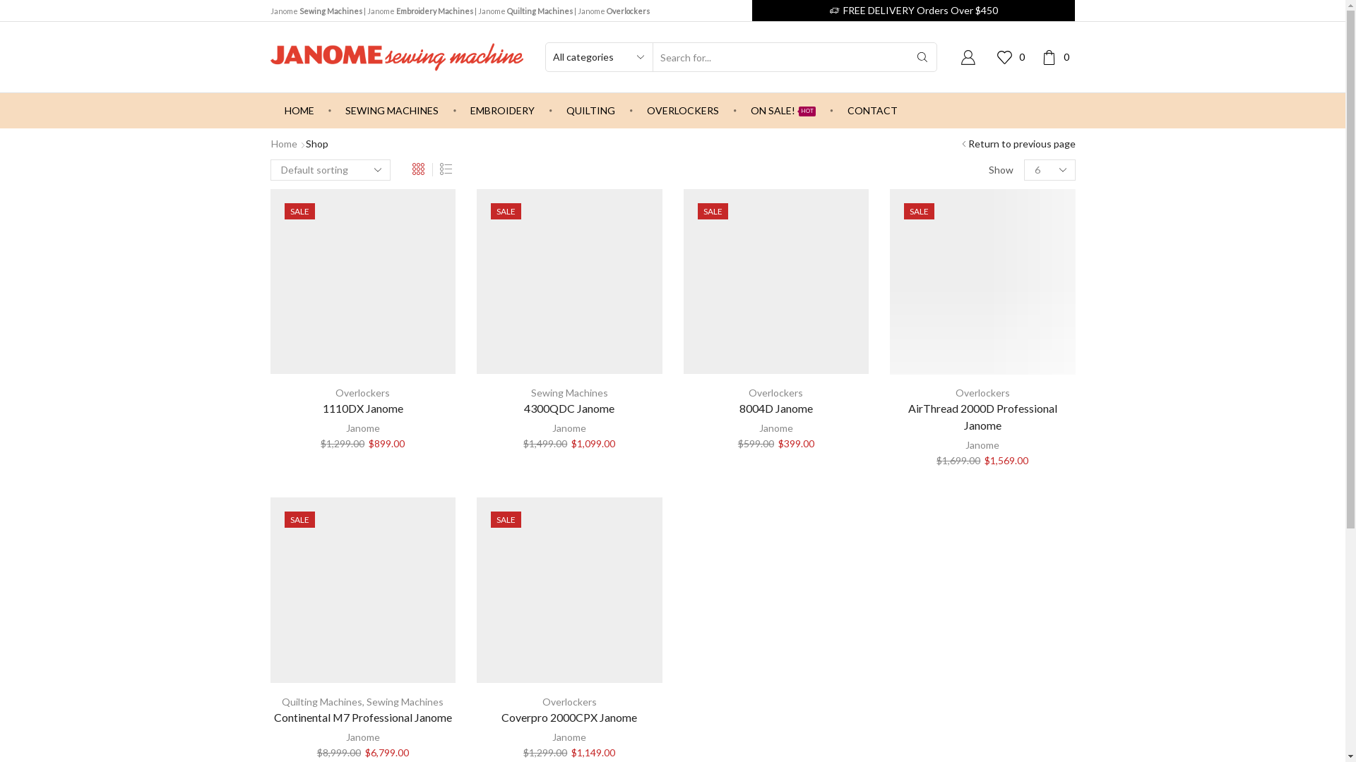 The height and width of the screenshot is (762, 1356). I want to click on 'Home', so click(282, 144).